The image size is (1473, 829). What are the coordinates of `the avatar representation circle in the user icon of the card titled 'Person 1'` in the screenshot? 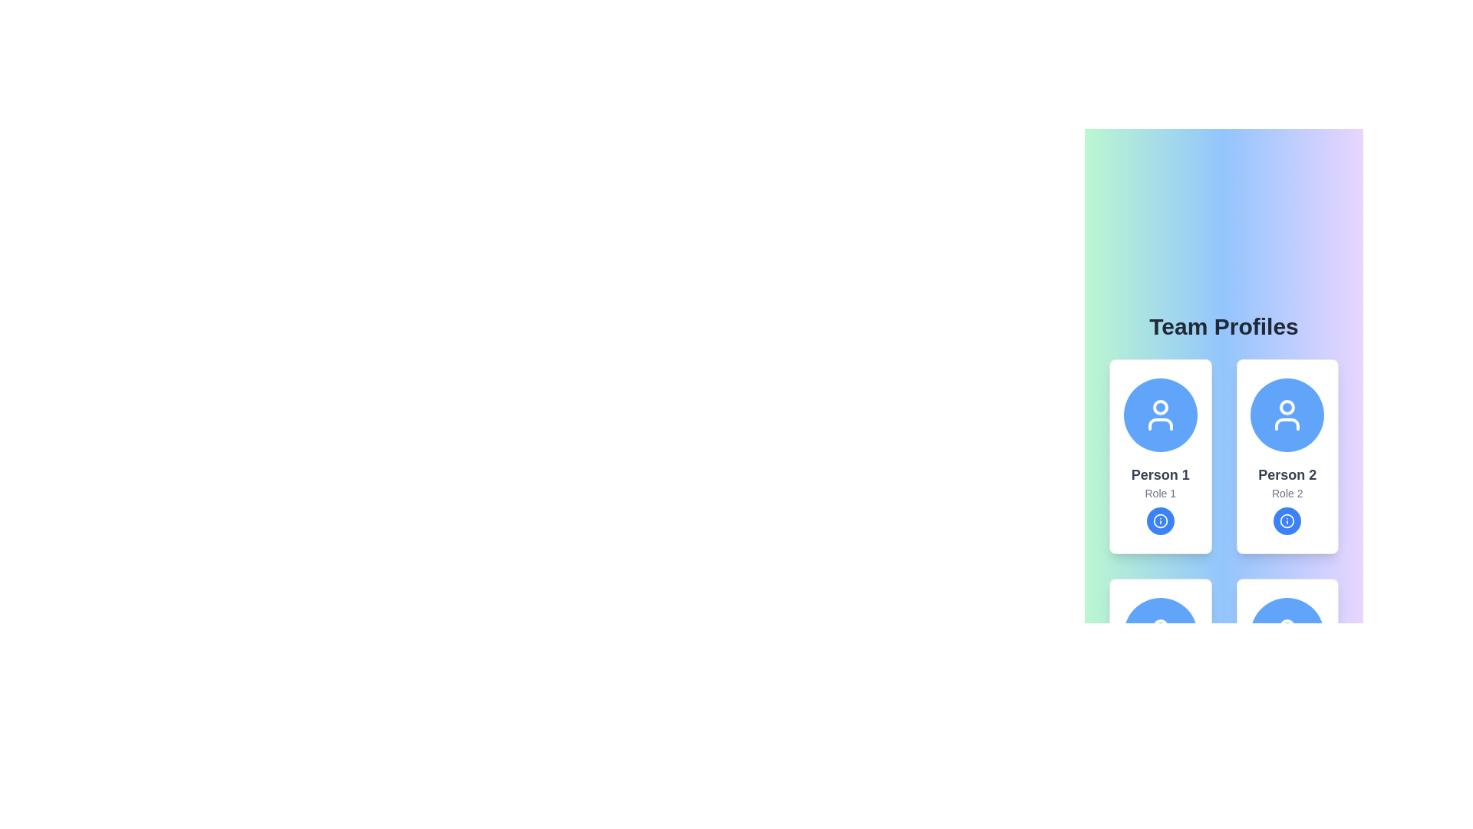 It's located at (1160, 407).